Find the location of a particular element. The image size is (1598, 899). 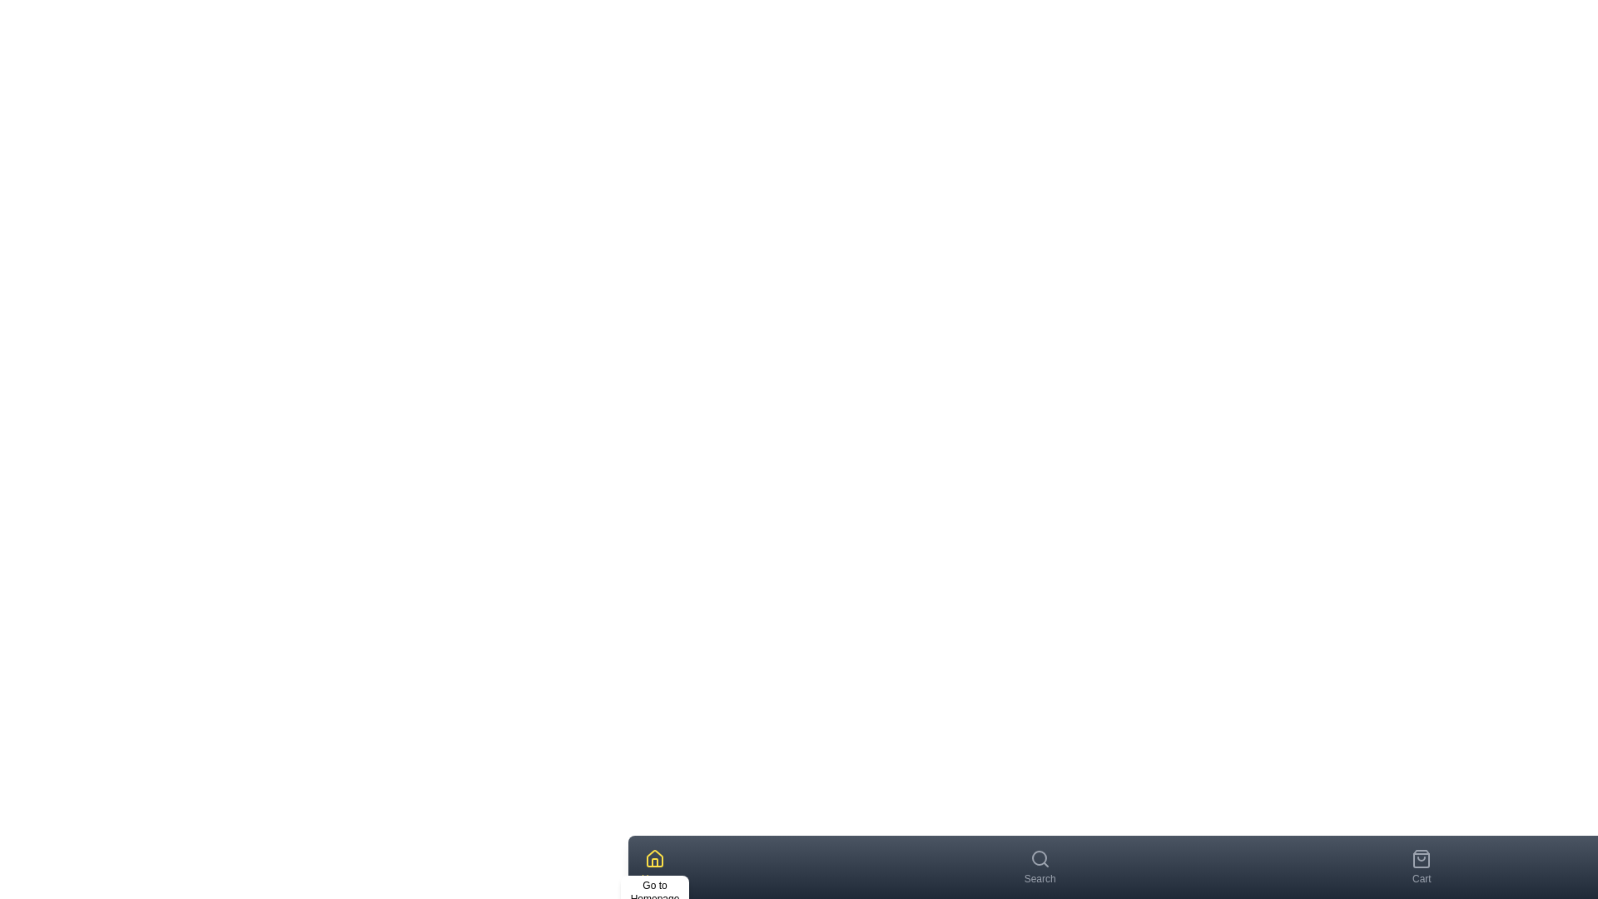

the tab corresponding to Home is located at coordinates (654, 866).